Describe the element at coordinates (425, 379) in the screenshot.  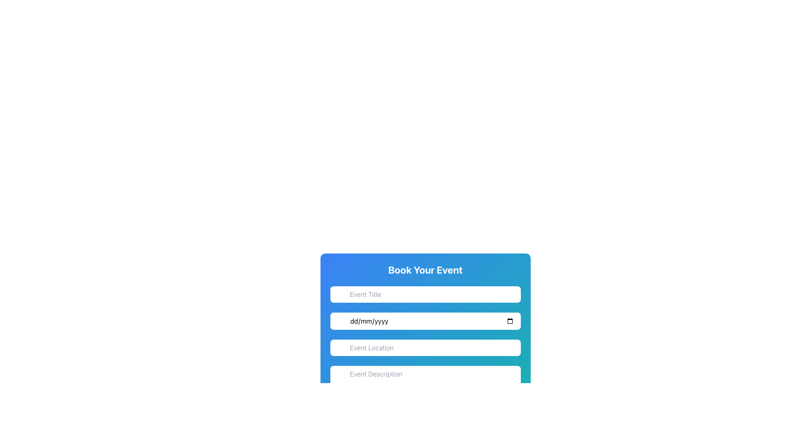
I see `the 'Event Description' input field to focus on it` at that location.